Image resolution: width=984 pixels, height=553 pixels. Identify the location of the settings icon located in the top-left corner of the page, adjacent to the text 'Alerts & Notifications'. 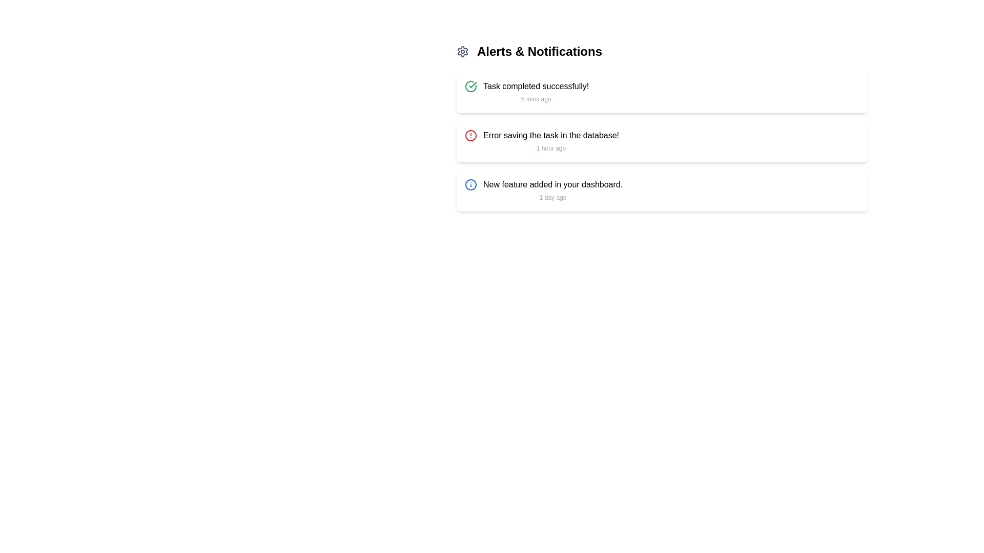
(462, 51).